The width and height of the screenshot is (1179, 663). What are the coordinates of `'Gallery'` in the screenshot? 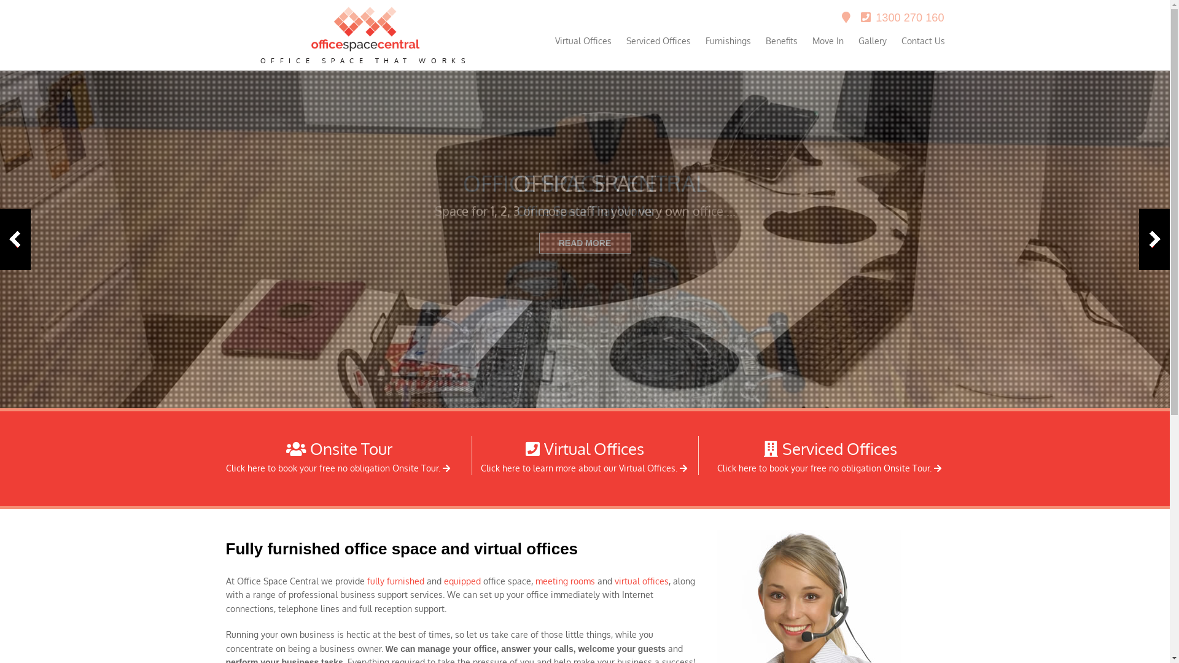 It's located at (871, 40).